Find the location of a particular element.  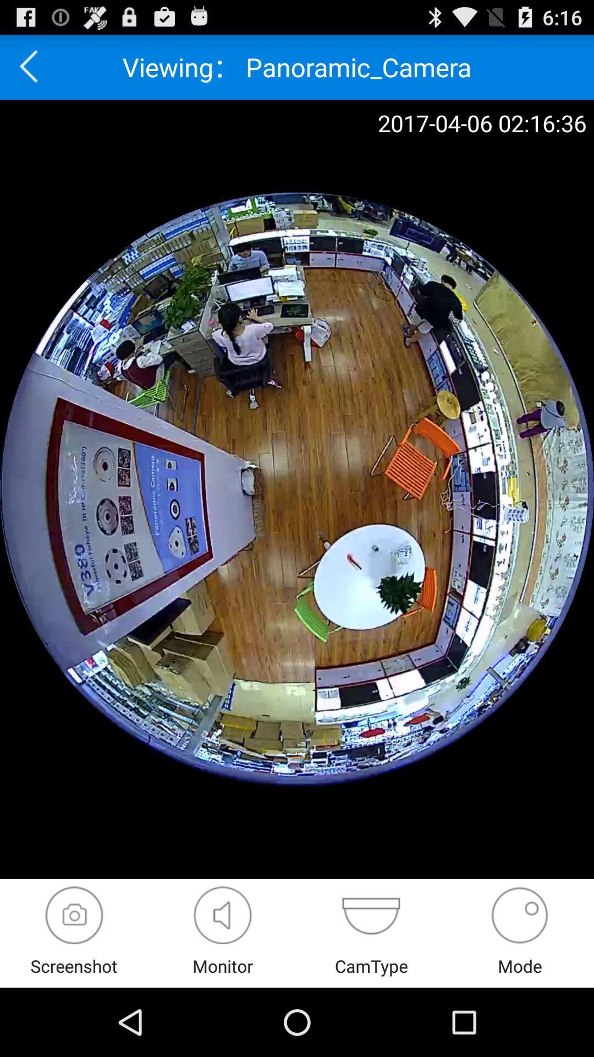

back is located at coordinates (32, 67).